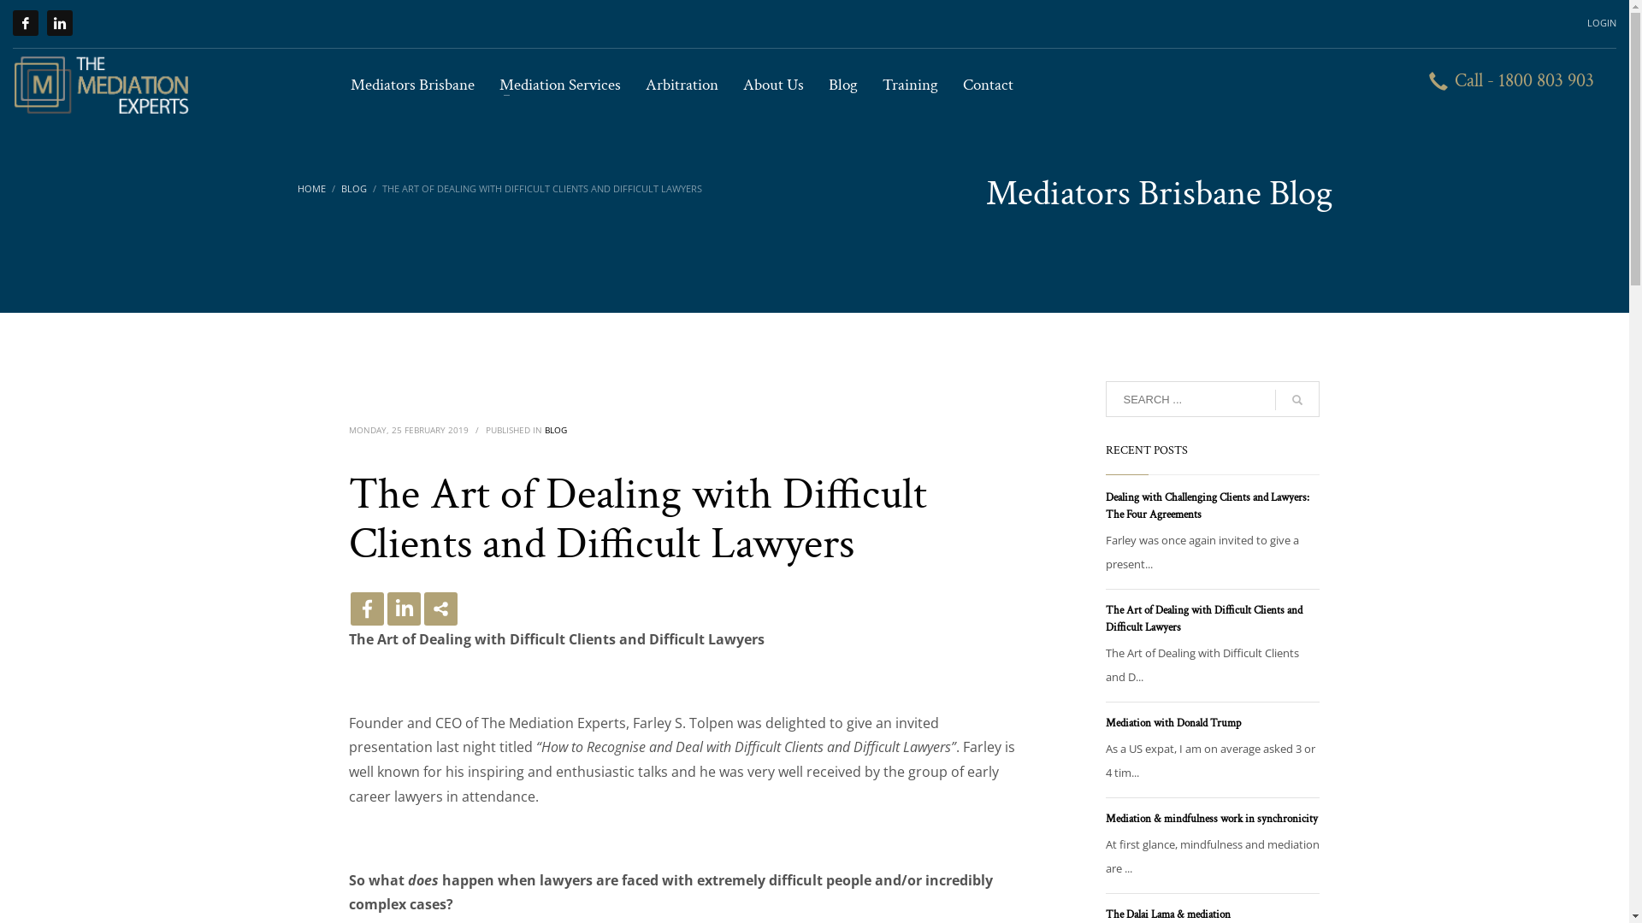 This screenshot has width=1642, height=923. Describe the element at coordinates (440, 608) in the screenshot. I see `'More'` at that location.